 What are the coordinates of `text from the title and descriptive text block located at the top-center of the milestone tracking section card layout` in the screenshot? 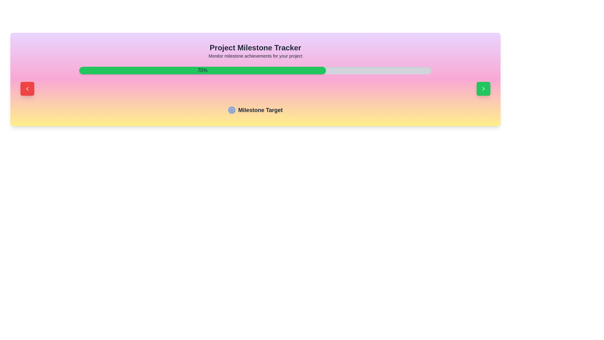 It's located at (255, 51).